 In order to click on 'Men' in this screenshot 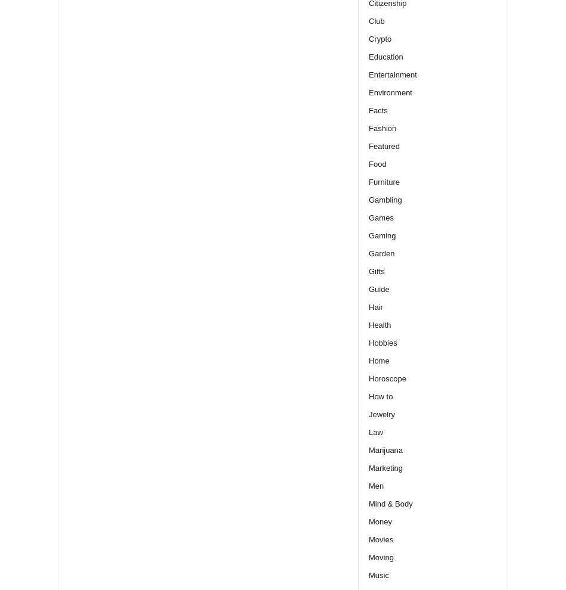, I will do `click(376, 485)`.